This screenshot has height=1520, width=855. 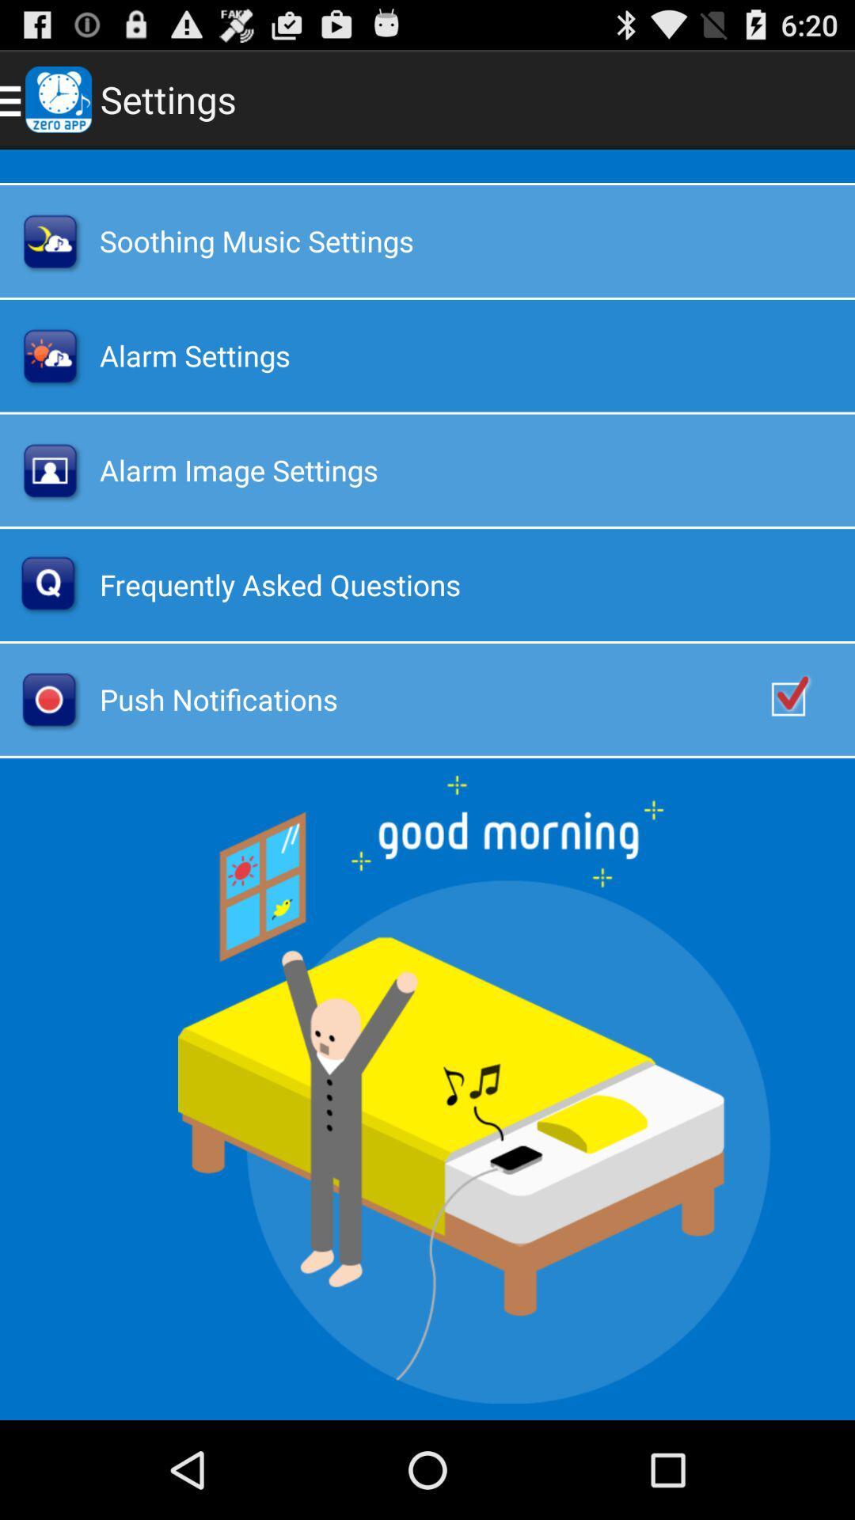 What do you see at coordinates (805, 698) in the screenshot?
I see `the icon to the right of the push notifications icon` at bounding box center [805, 698].